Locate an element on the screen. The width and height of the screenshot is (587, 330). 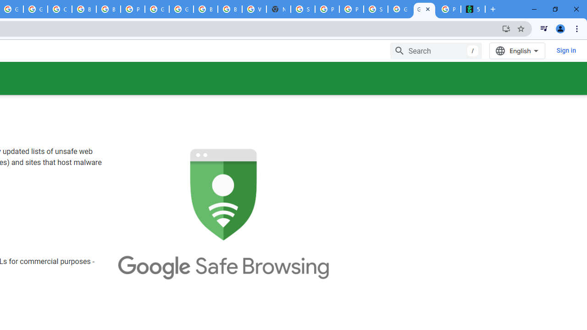
'Install Google Developers' is located at coordinates (506, 28).